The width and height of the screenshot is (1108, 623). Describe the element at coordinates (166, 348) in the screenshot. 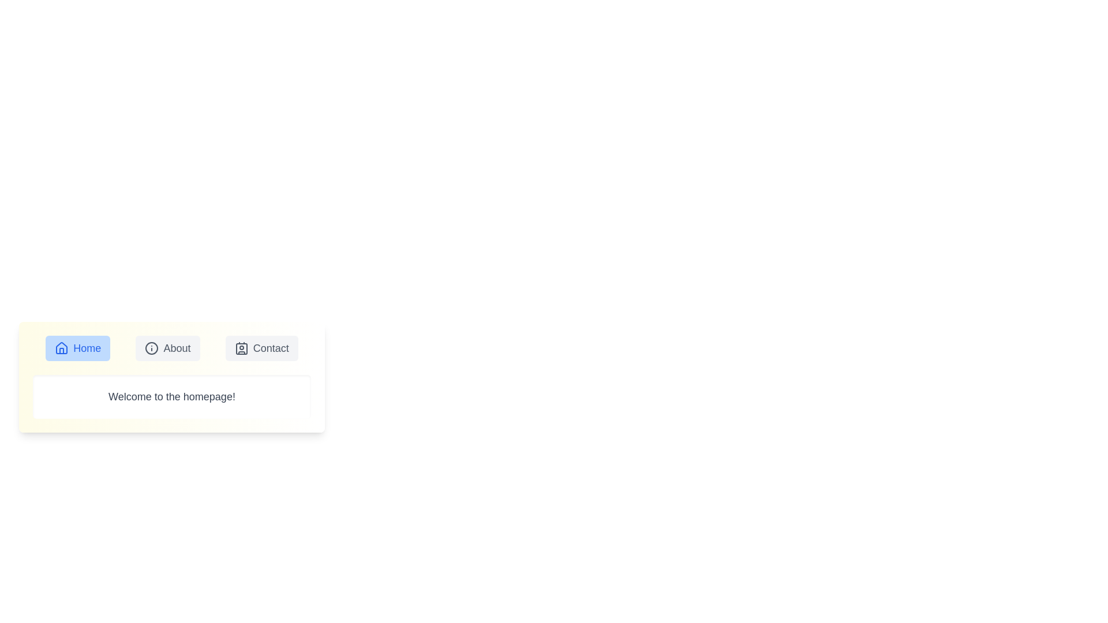

I see `the About tab to examine its content` at that location.